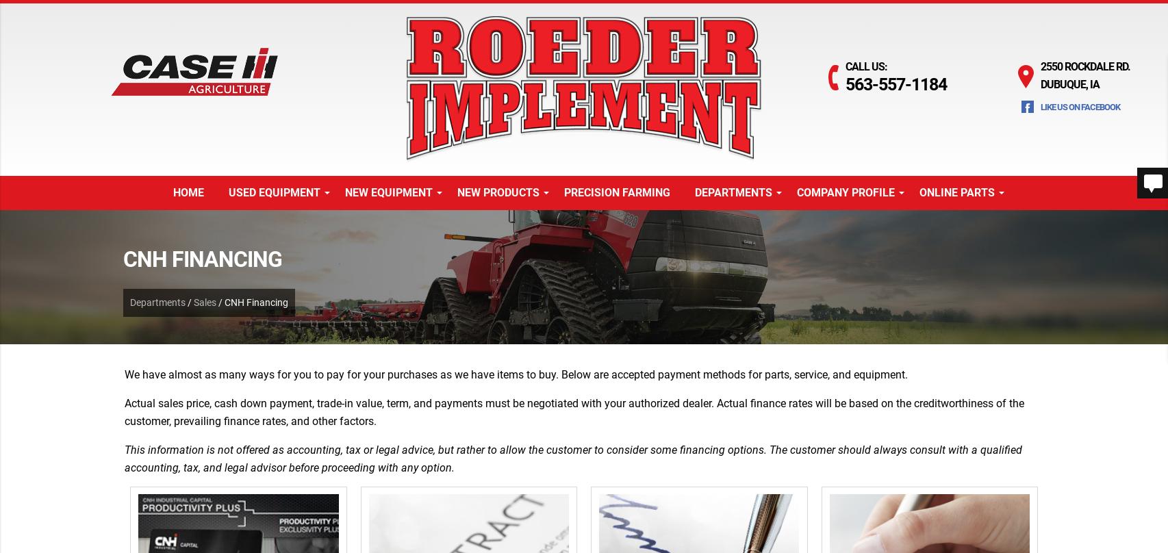 The image size is (1168, 553). What do you see at coordinates (846, 192) in the screenshot?
I see `'Company Profile'` at bounding box center [846, 192].